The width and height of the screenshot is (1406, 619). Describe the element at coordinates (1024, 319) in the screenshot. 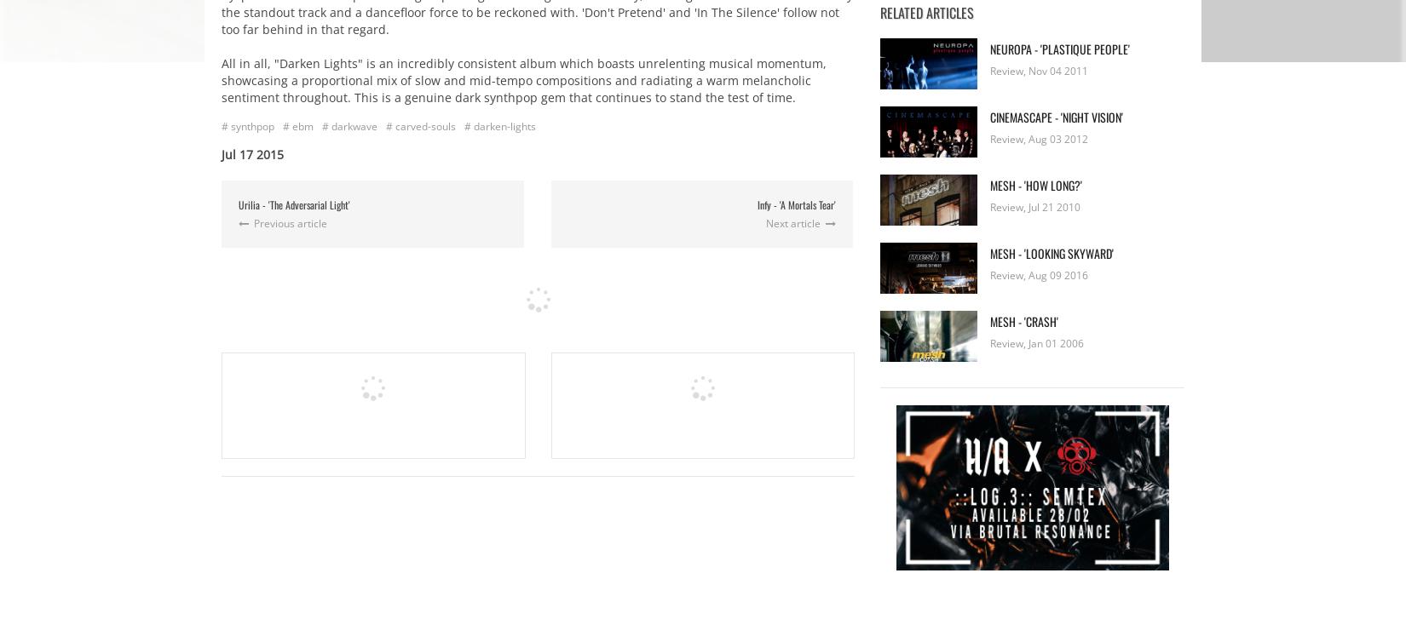

I see `'Mesh - 'Crash''` at that location.